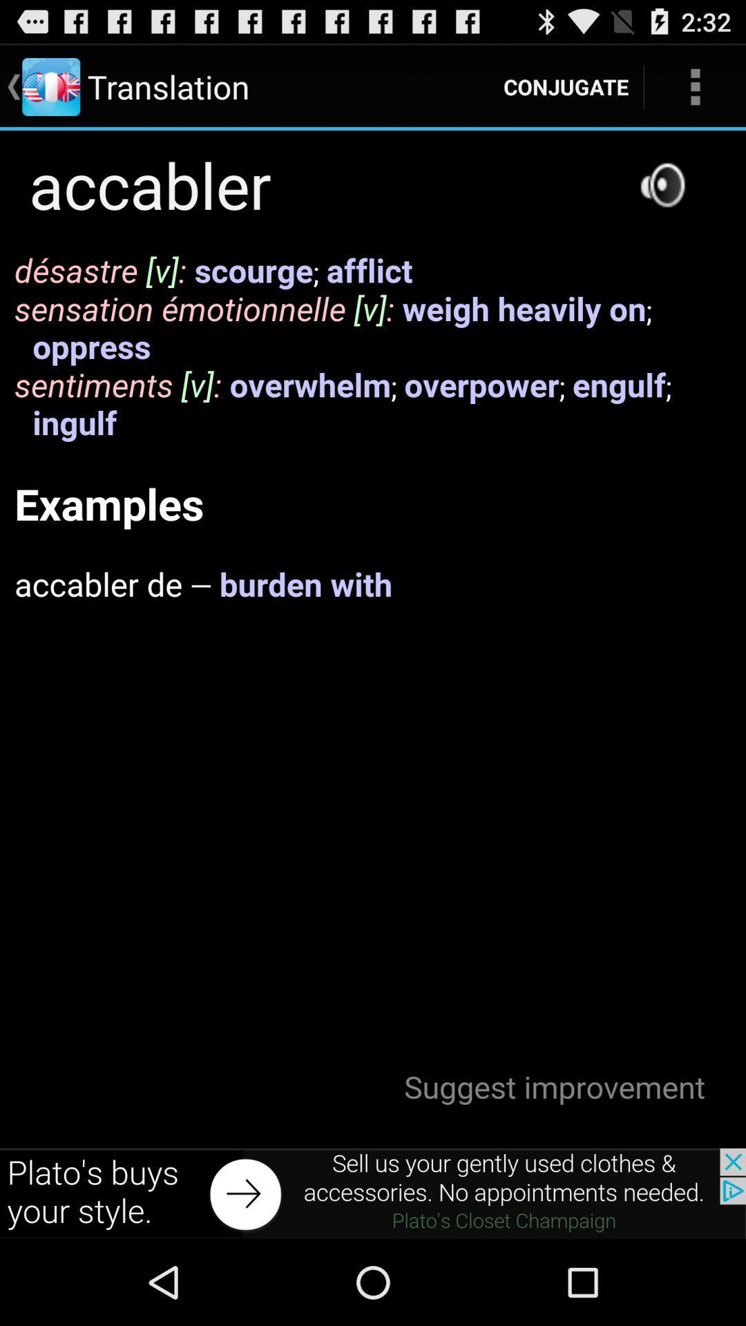 Image resolution: width=746 pixels, height=1326 pixels. I want to click on link to site, so click(373, 1193).